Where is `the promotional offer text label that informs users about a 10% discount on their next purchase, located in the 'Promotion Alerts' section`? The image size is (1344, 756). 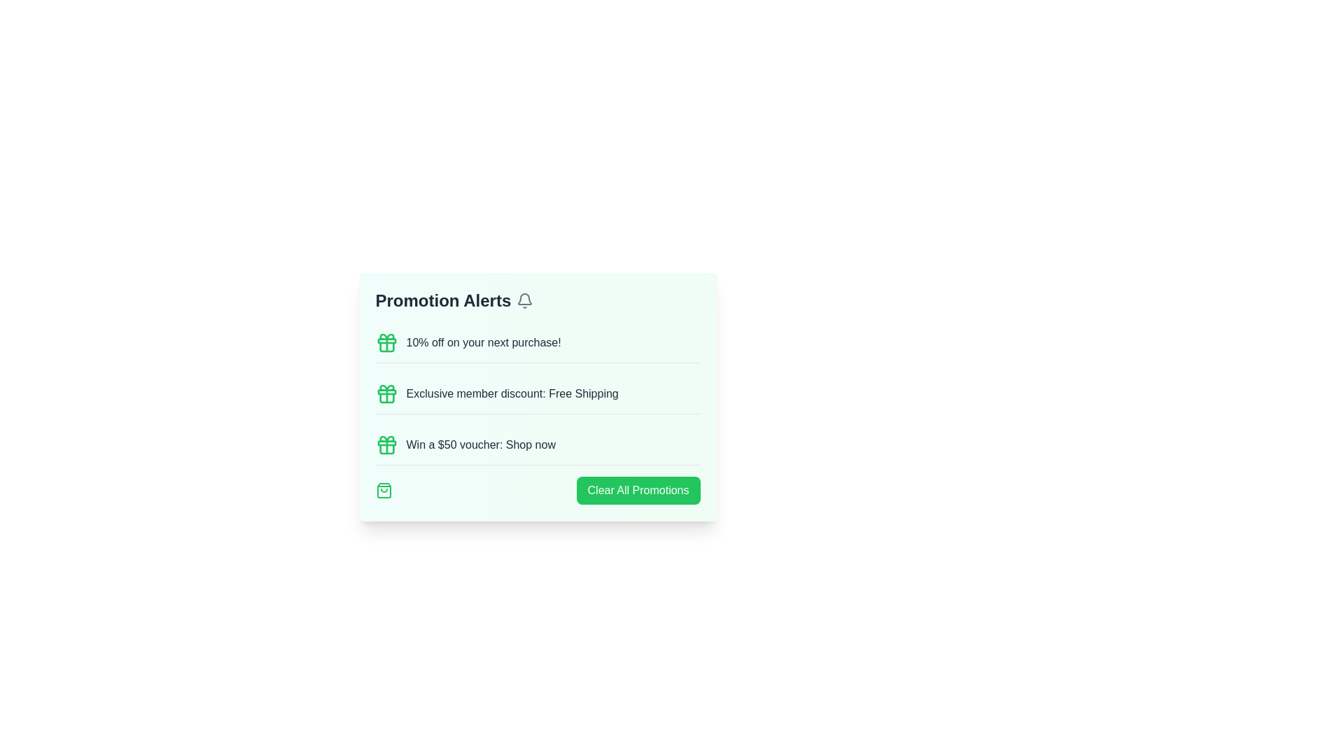
the promotional offer text label that informs users about a 10% discount on their next purchase, located in the 'Promotion Alerts' section is located at coordinates (484, 342).